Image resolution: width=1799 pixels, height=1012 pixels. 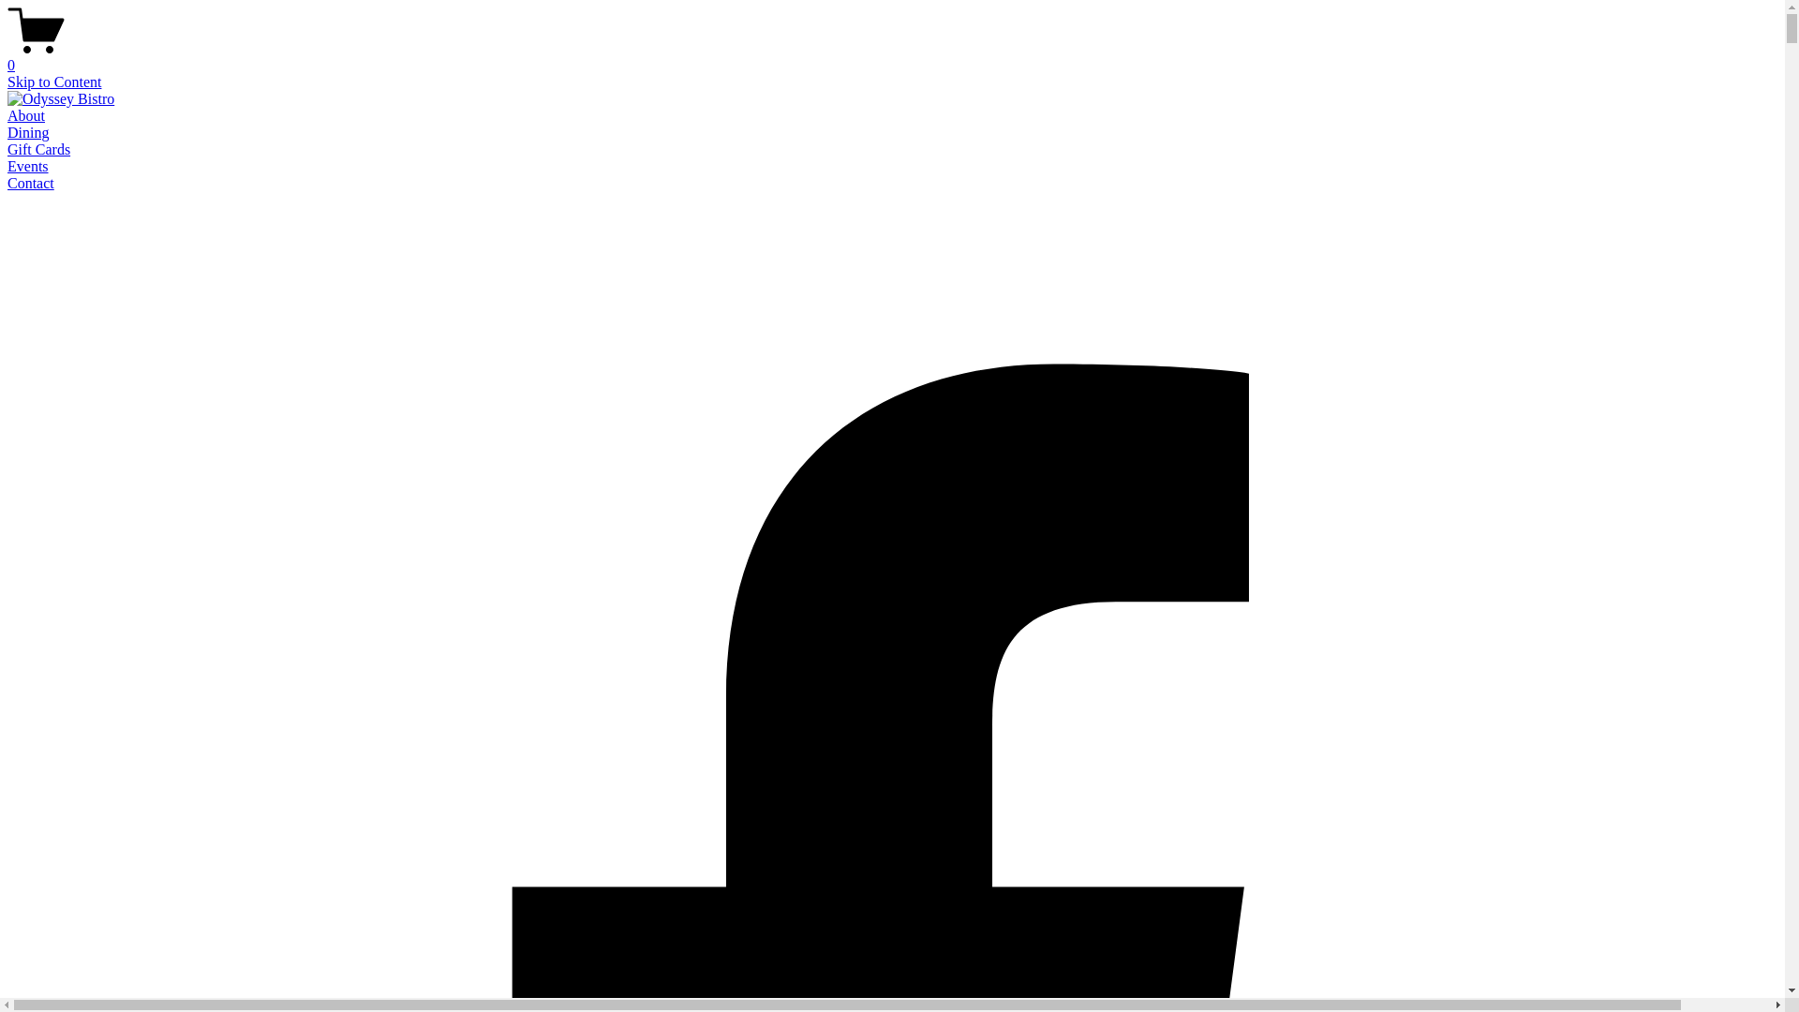 What do you see at coordinates (26, 115) in the screenshot?
I see `'About'` at bounding box center [26, 115].